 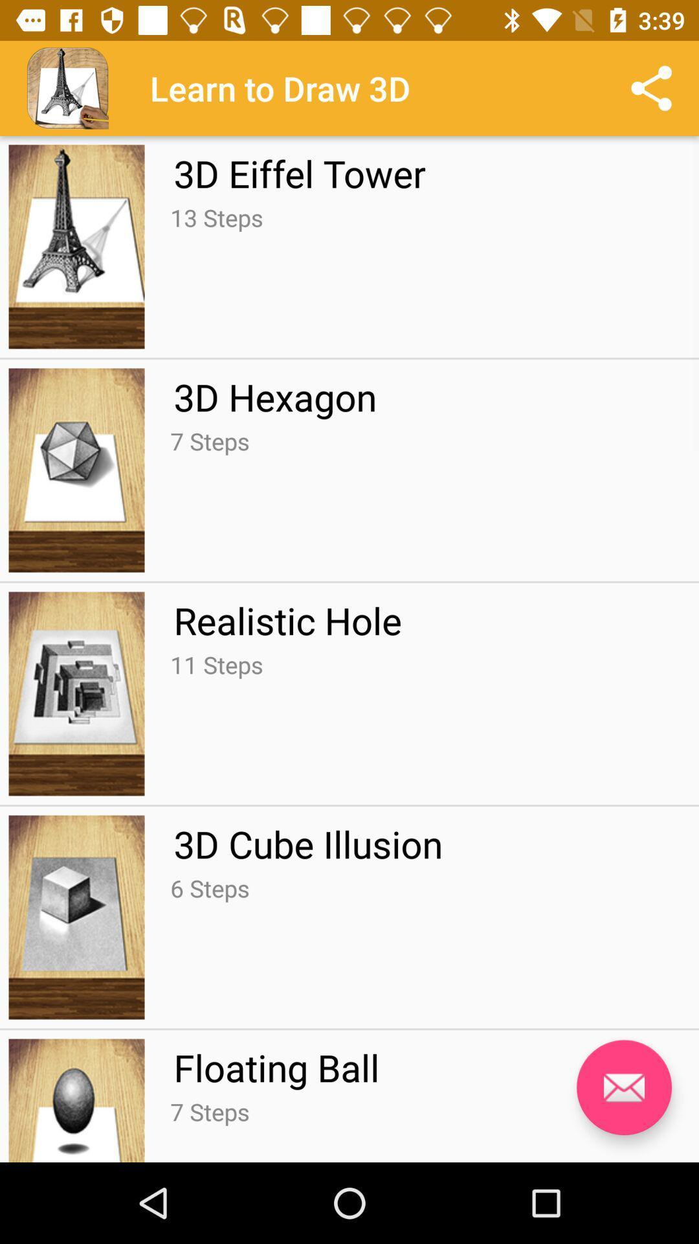 What do you see at coordinates (623, 1087) in the screenshot?
I see `the app to the right of the floating ball icon` at bounding box center [623, 1087].